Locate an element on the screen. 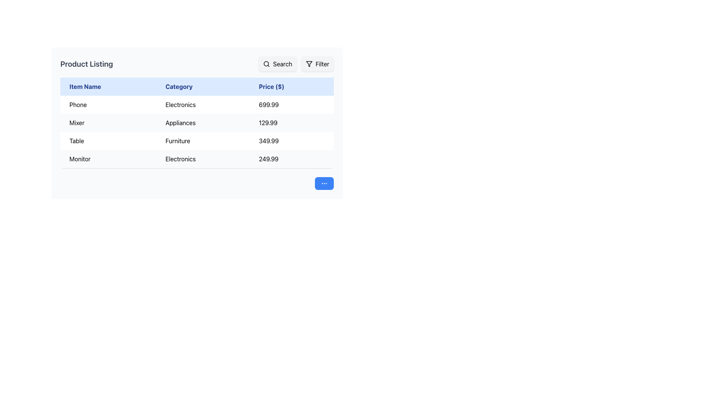  a specific cell within the data table that displays product information for further details or actions is located at coordinates (197, 122).